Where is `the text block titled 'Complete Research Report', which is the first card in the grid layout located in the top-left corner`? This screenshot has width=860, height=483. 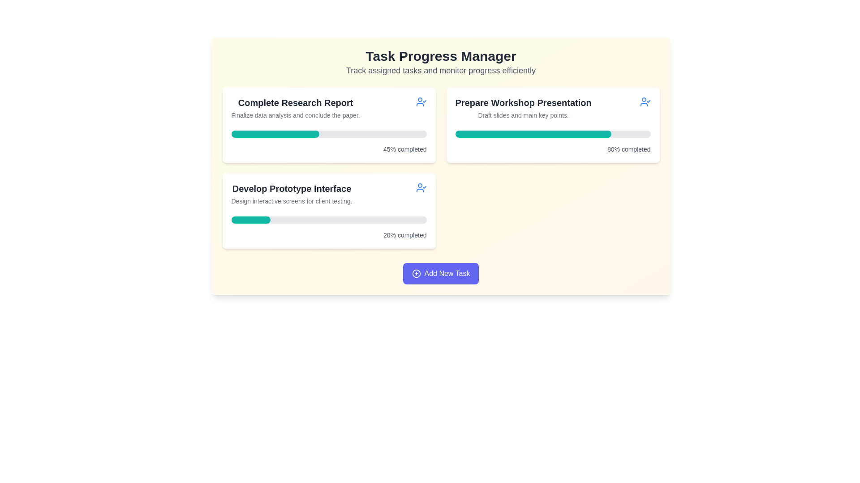
the text block titled 'Complete Research Report', which is the first card in the grid layout located in the top-left corner is located at coordinates (296, 108).